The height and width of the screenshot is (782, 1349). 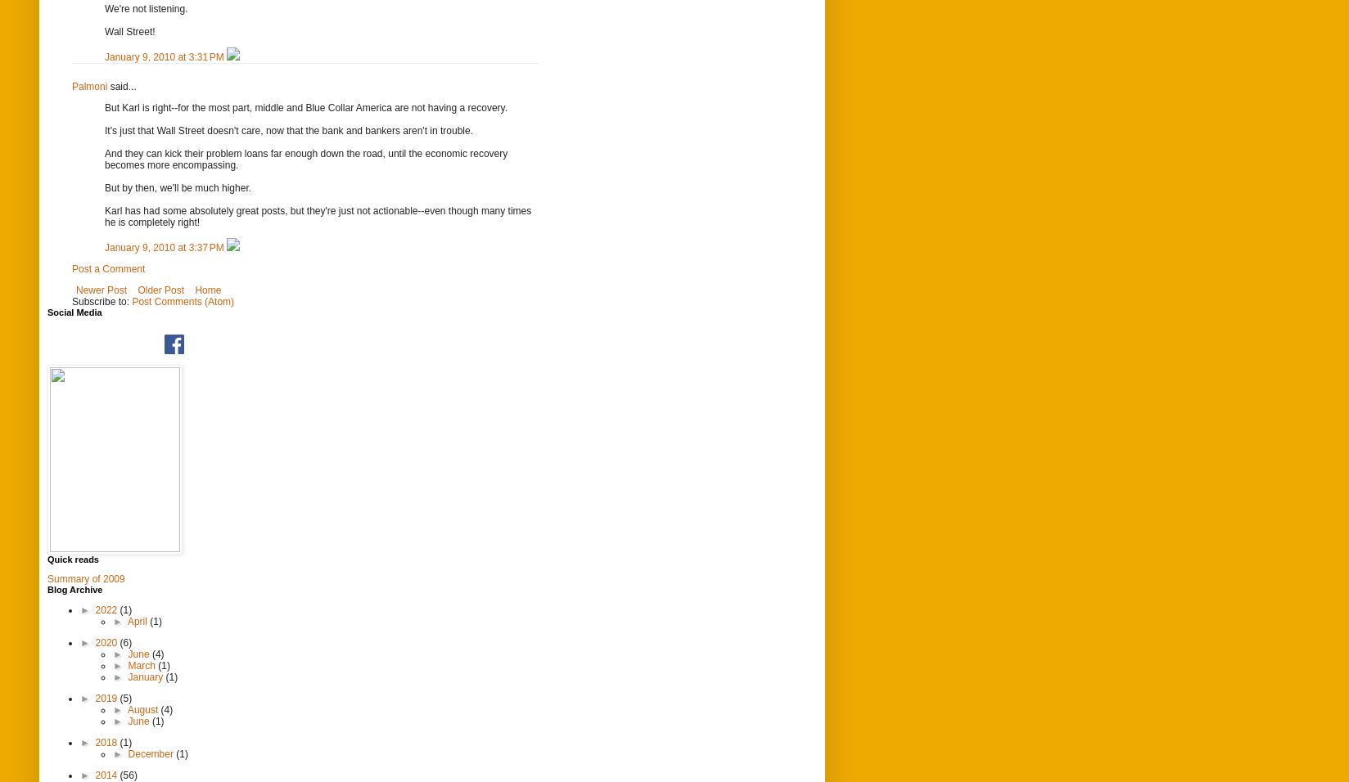 I want to click on 'April', so click(x=138, y=619).